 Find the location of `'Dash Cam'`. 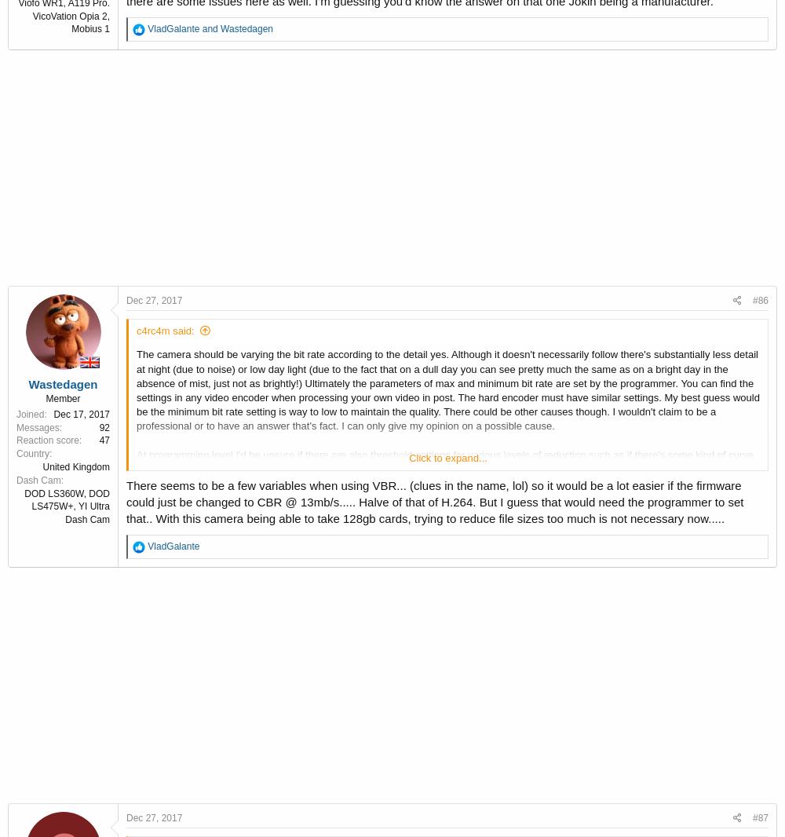

'Dash Cam' is located at coordinates (38, 479).